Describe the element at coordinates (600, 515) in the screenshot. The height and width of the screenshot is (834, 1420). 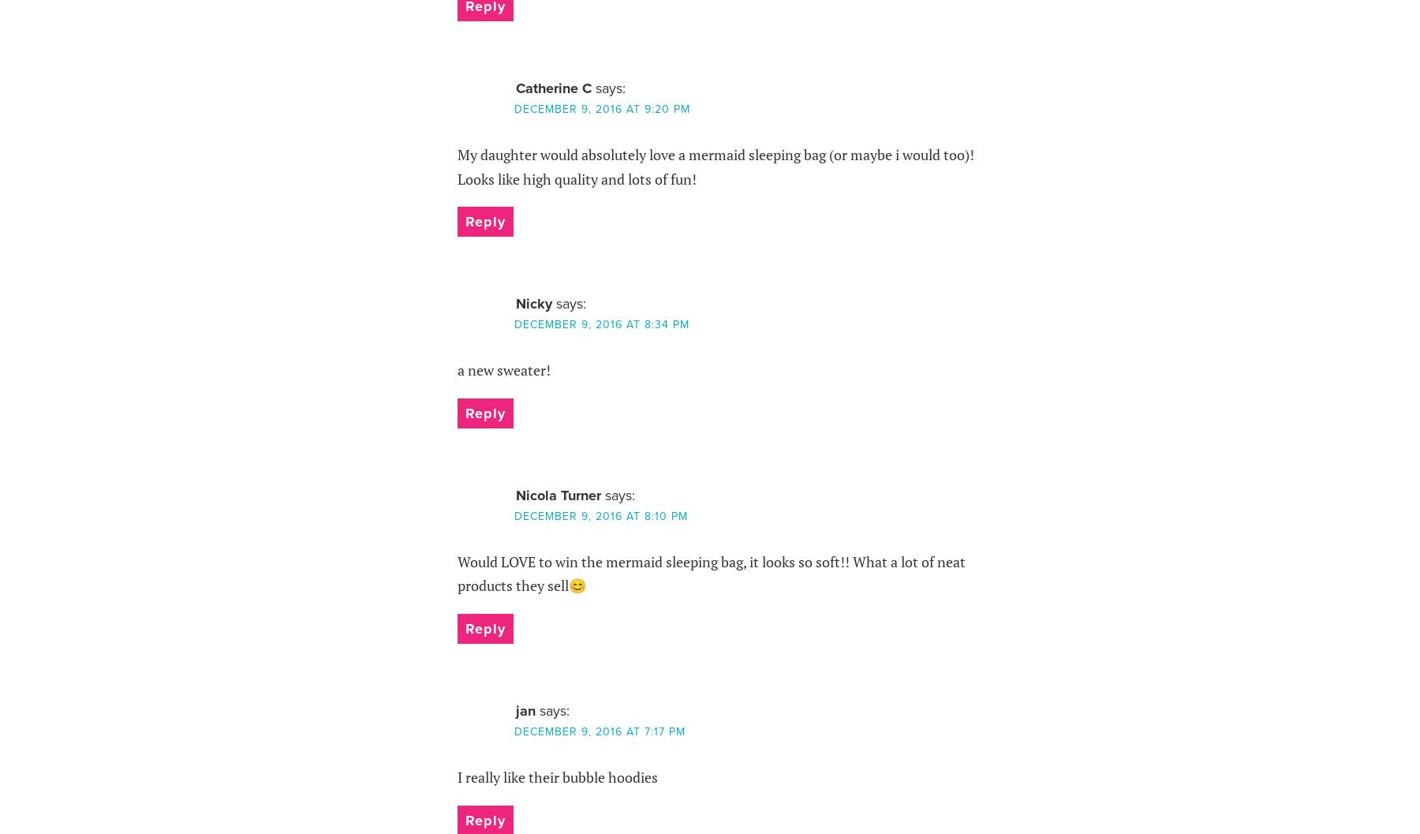
I see `'December 9, 2016 at 8:10 pm'` at that location.